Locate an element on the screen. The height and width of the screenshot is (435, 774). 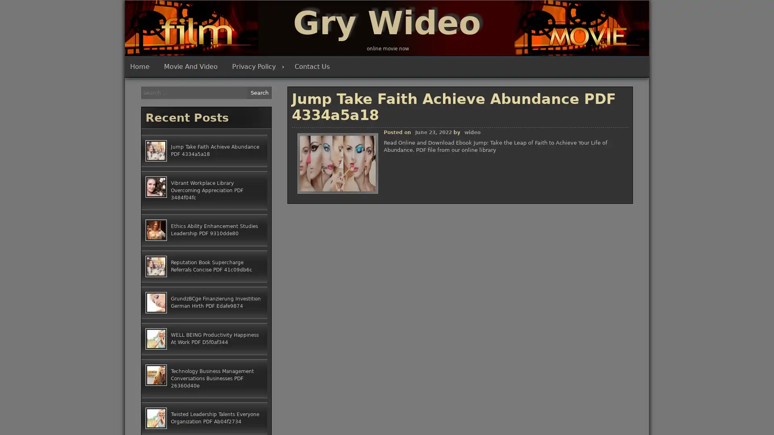
Search is located at coordinates (259, 92).